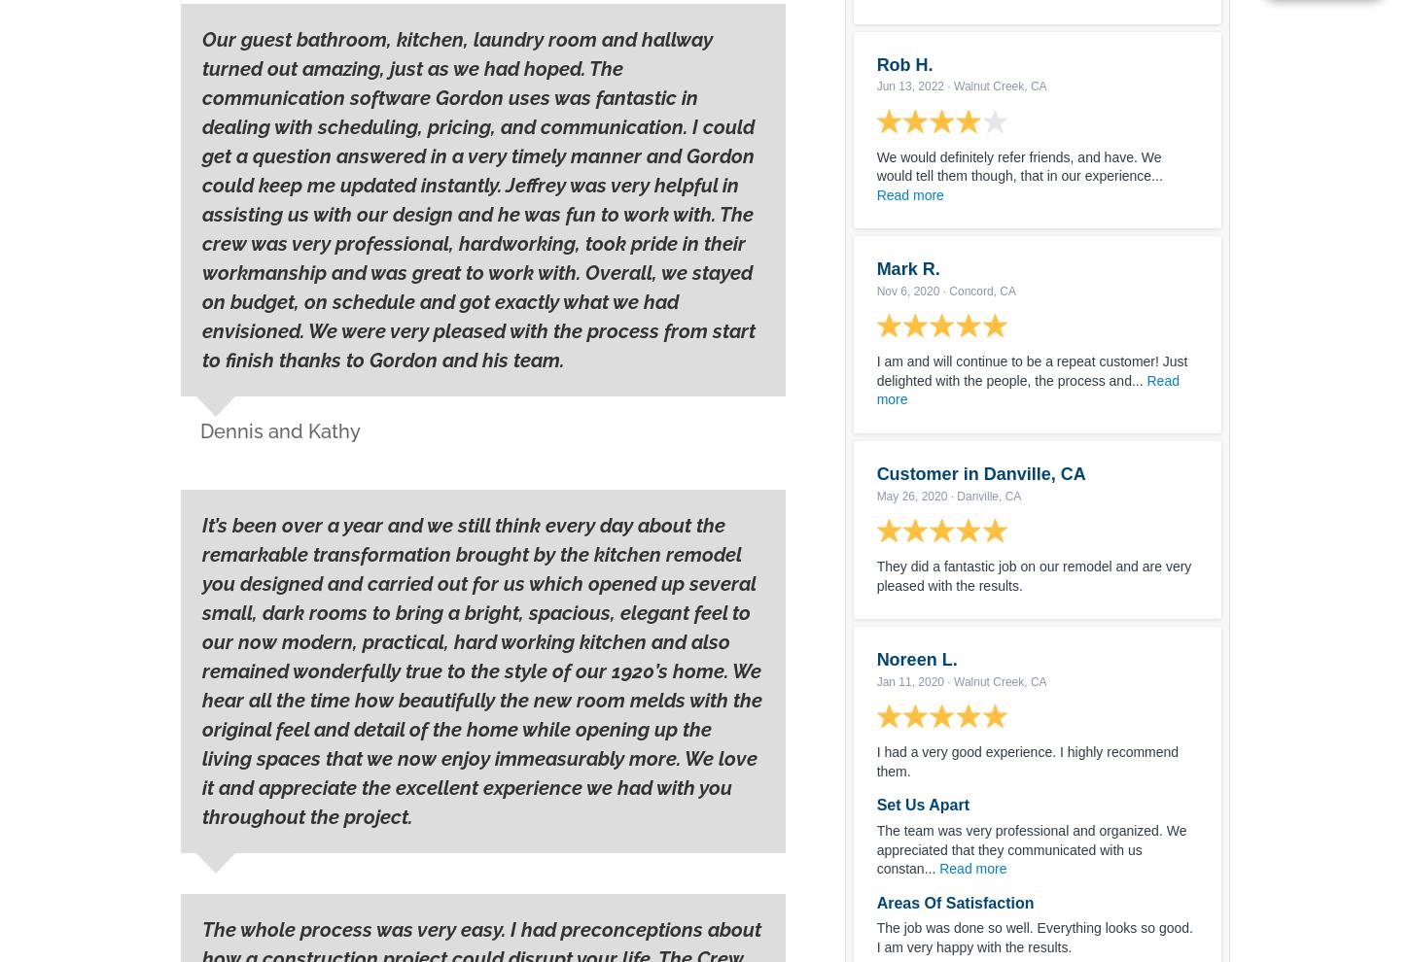 Image resolution: width=1410 pixels, height=962 pixels. What do you see at coordinates (915, 660) in the screenshot?
I see `'Noreen L.'` at bounding box center [915, 660].